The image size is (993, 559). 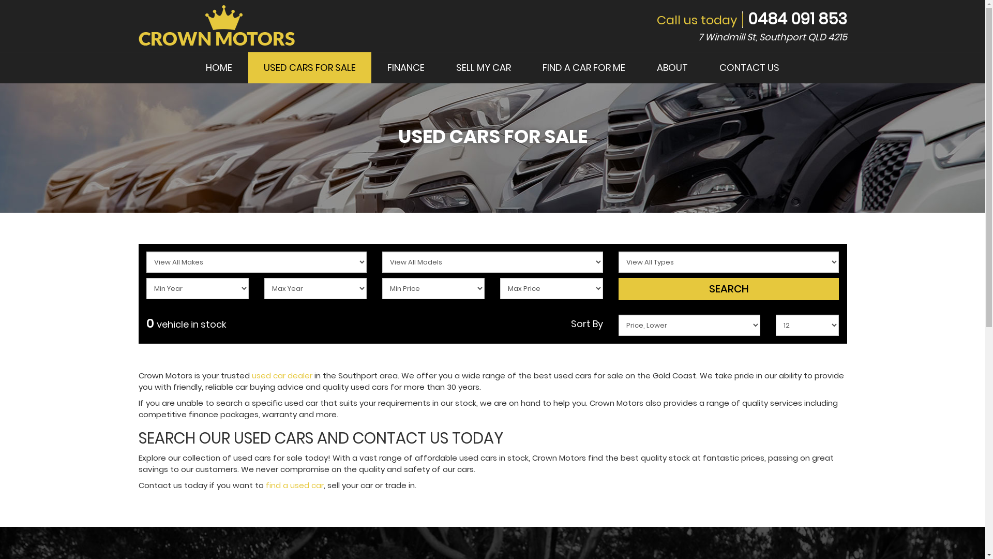 I want to click on 'HOME', so click(x=190, y=68).